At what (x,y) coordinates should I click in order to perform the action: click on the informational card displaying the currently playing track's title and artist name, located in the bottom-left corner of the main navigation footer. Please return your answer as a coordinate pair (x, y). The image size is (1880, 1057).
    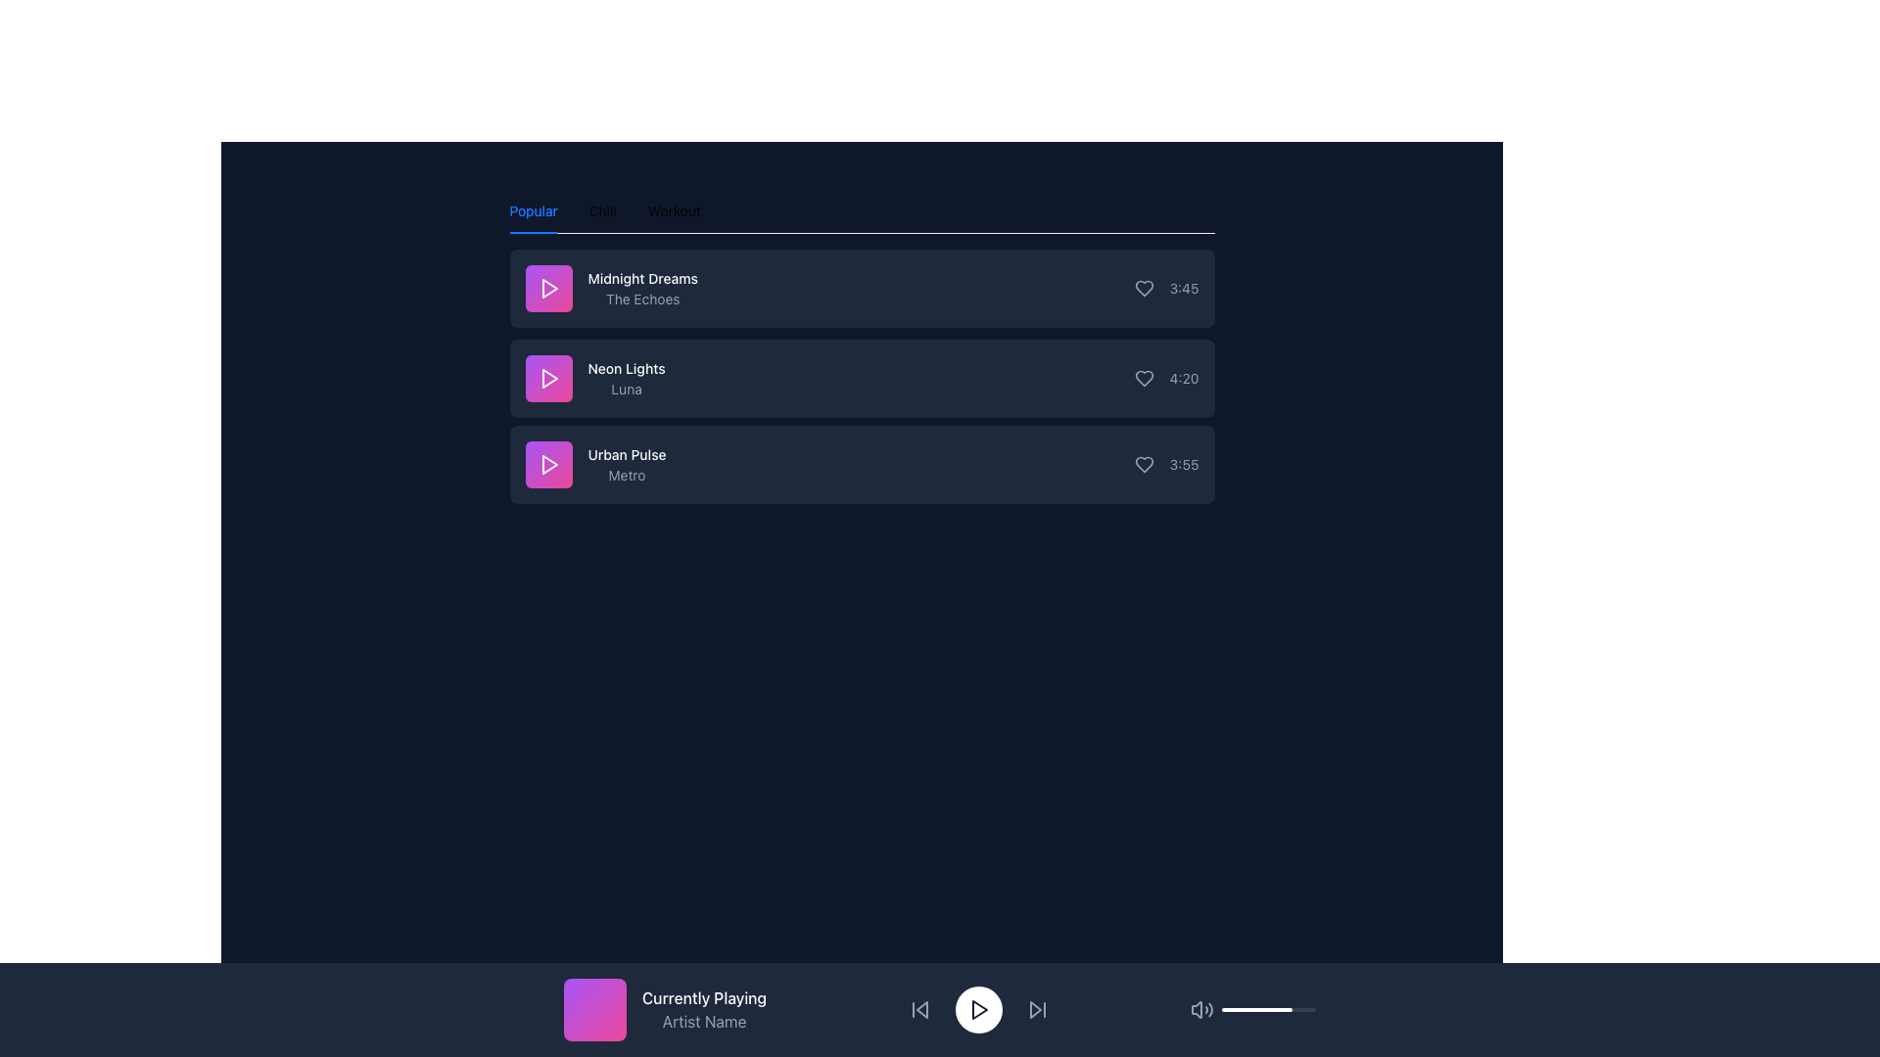
    Looking at the image, I should click on (665, 1010).